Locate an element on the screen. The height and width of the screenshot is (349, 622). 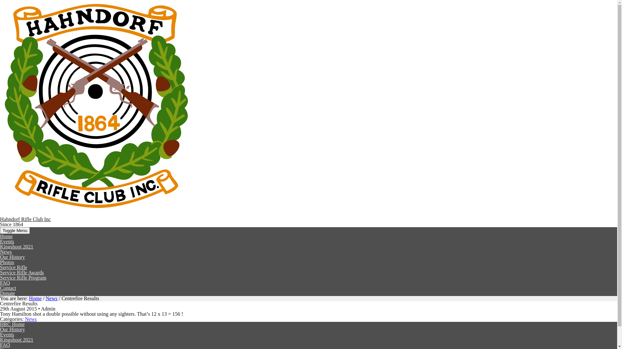
'Photos' is located at coordinates (7, 262).